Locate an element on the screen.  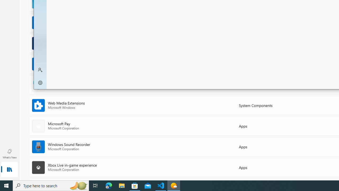
'Microsoft Edge' is located at coordinates (109, 185).